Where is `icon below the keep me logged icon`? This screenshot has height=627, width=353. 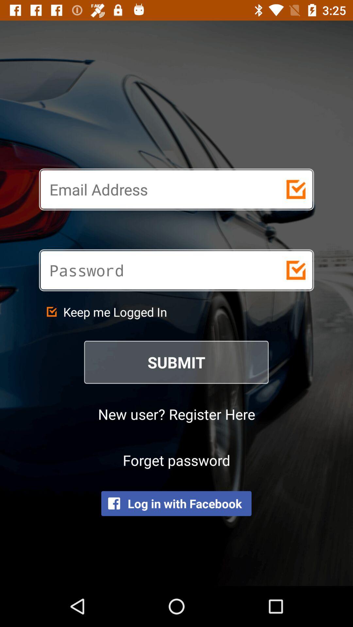 icon below the keep me logged icon is located at coordinates (176, 362).